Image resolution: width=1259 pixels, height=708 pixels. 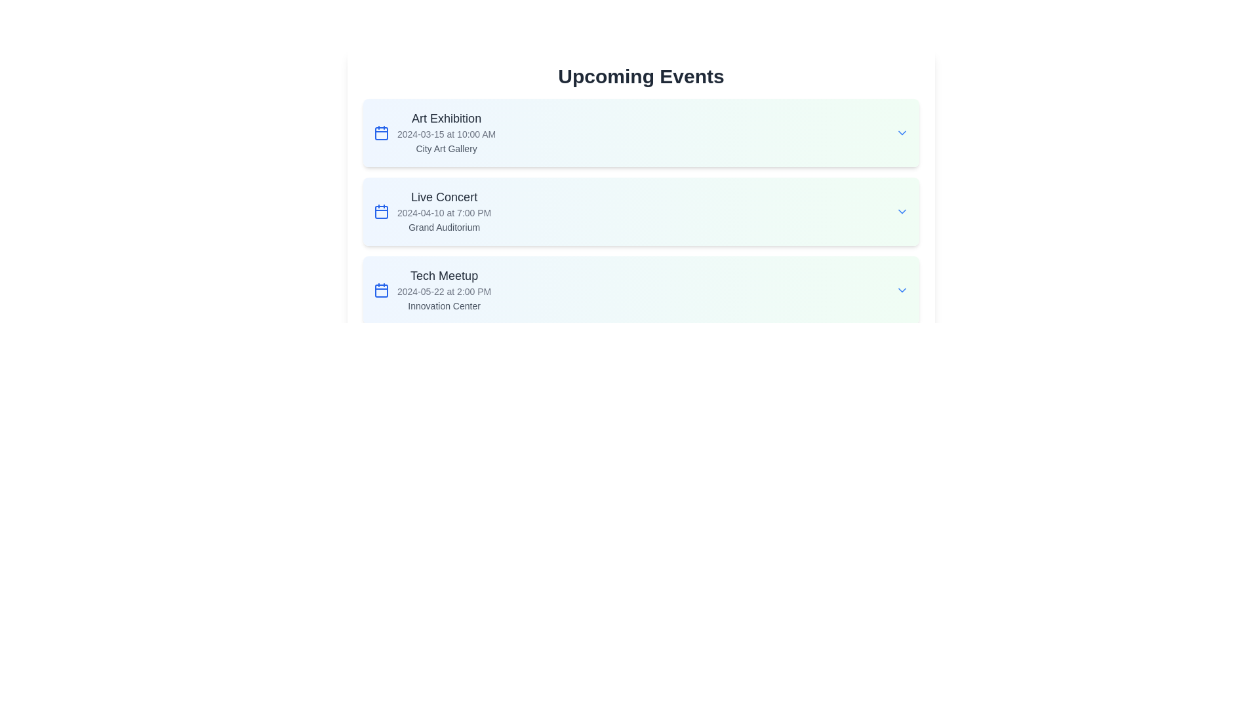 I want to click on the Text display block that provides the title, date, time, and venue of the event, located below the 'Upcoming Events' header and above the 'Live Concert' item, so click(x=447, y=133).